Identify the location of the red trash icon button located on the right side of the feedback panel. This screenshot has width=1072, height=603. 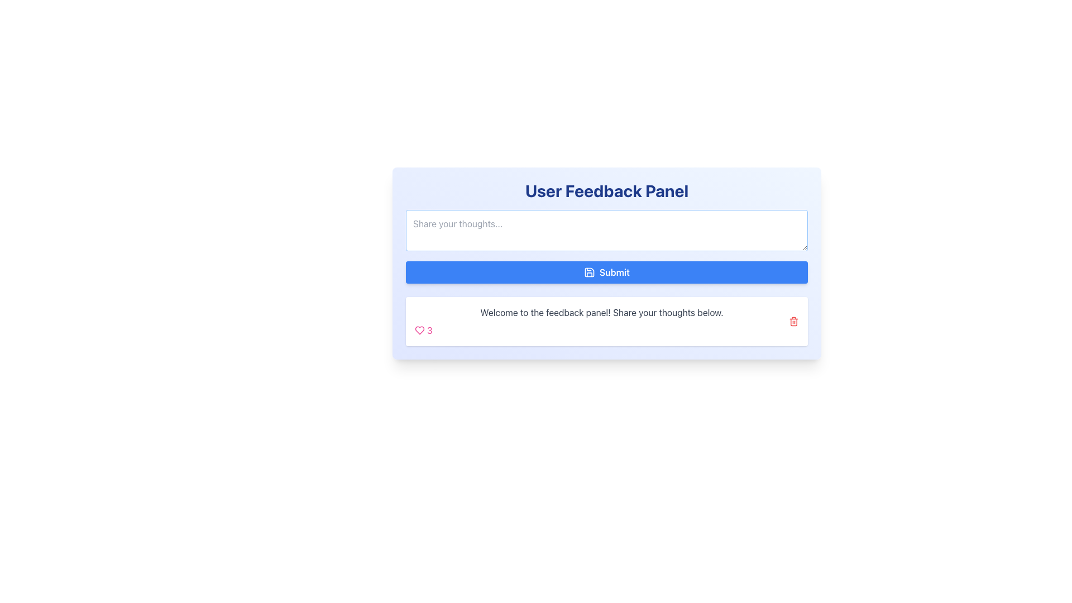
(793, 321).